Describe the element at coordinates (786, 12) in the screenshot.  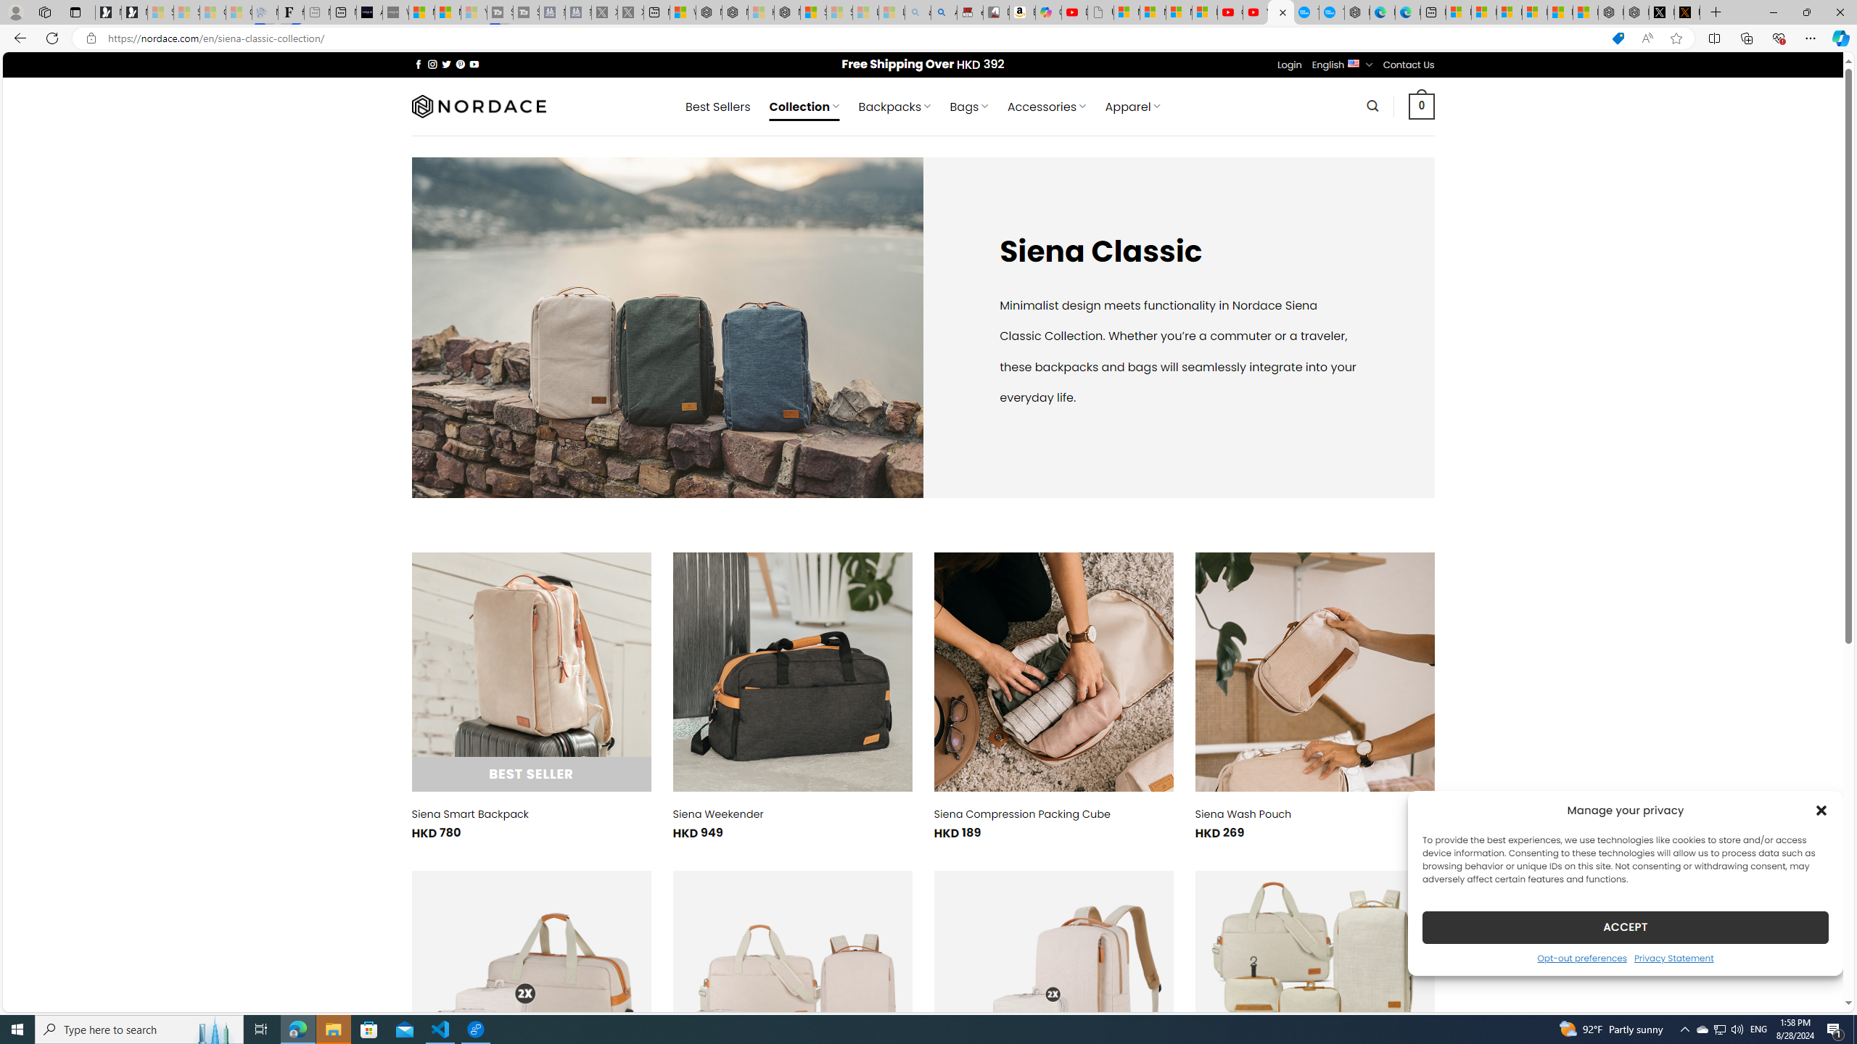
I see `'Nordace - Nordace Siena Is Not An Ordinary Backpack'` at that location.